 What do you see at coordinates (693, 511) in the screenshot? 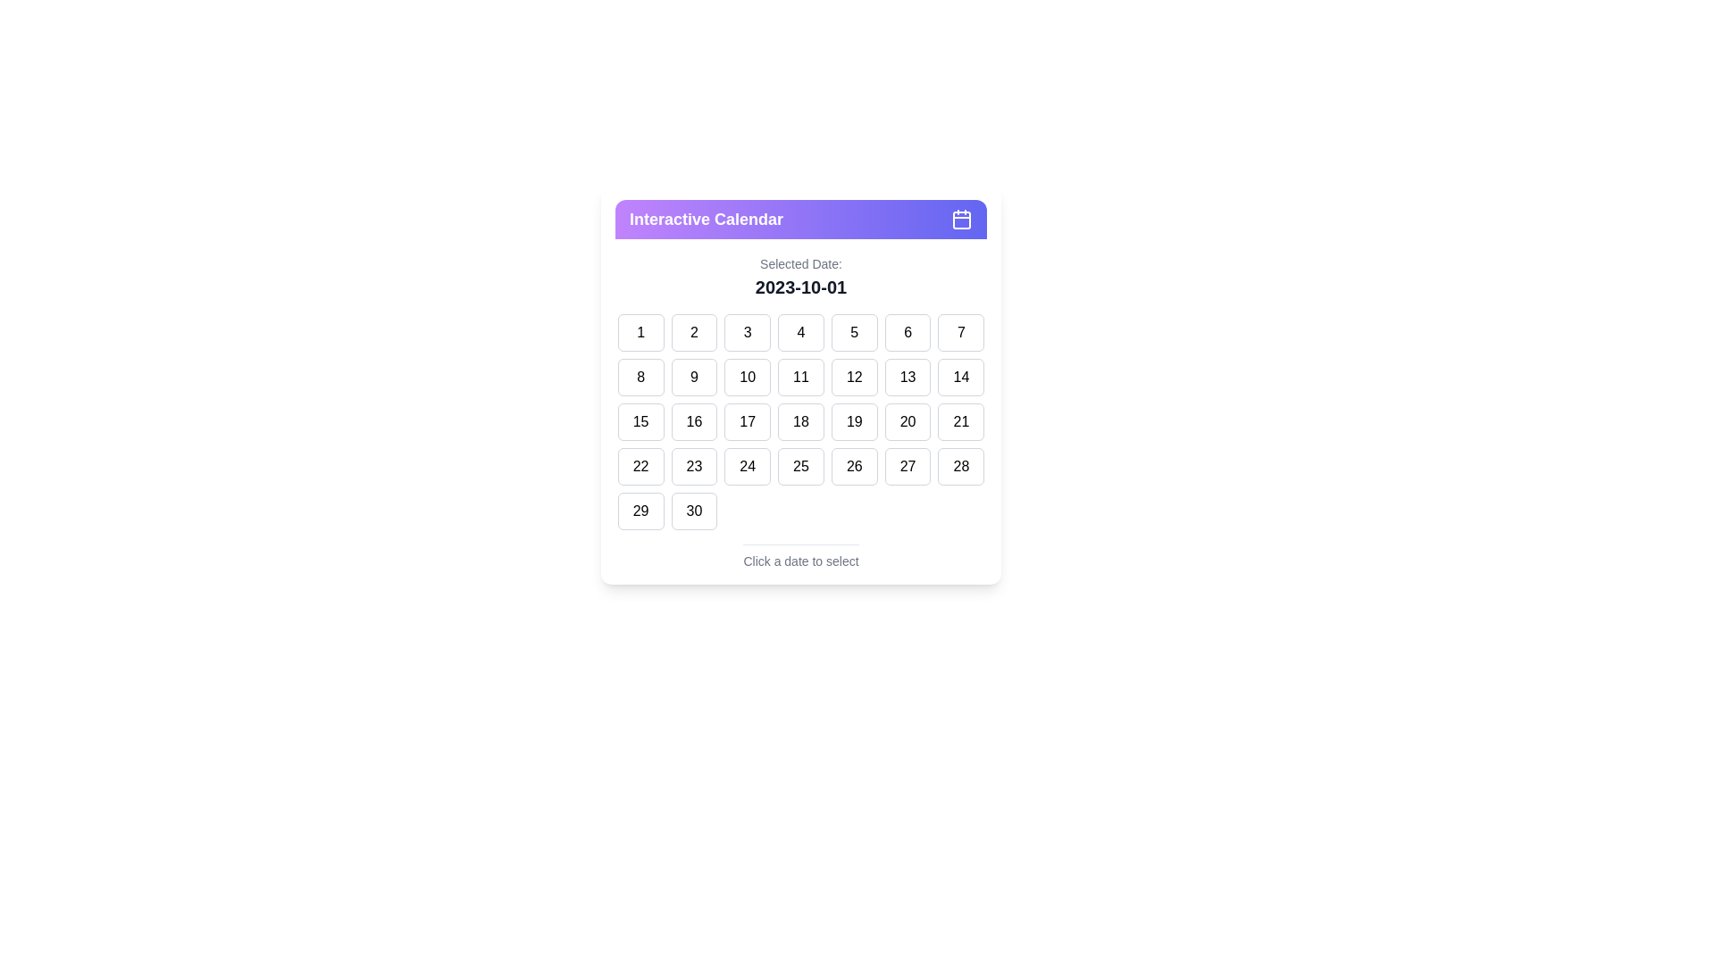
I see `the date selector button for the 30th day in the interactive calendar located in the second column of the last row of the calendar grid` at bounding box center [693, 511].